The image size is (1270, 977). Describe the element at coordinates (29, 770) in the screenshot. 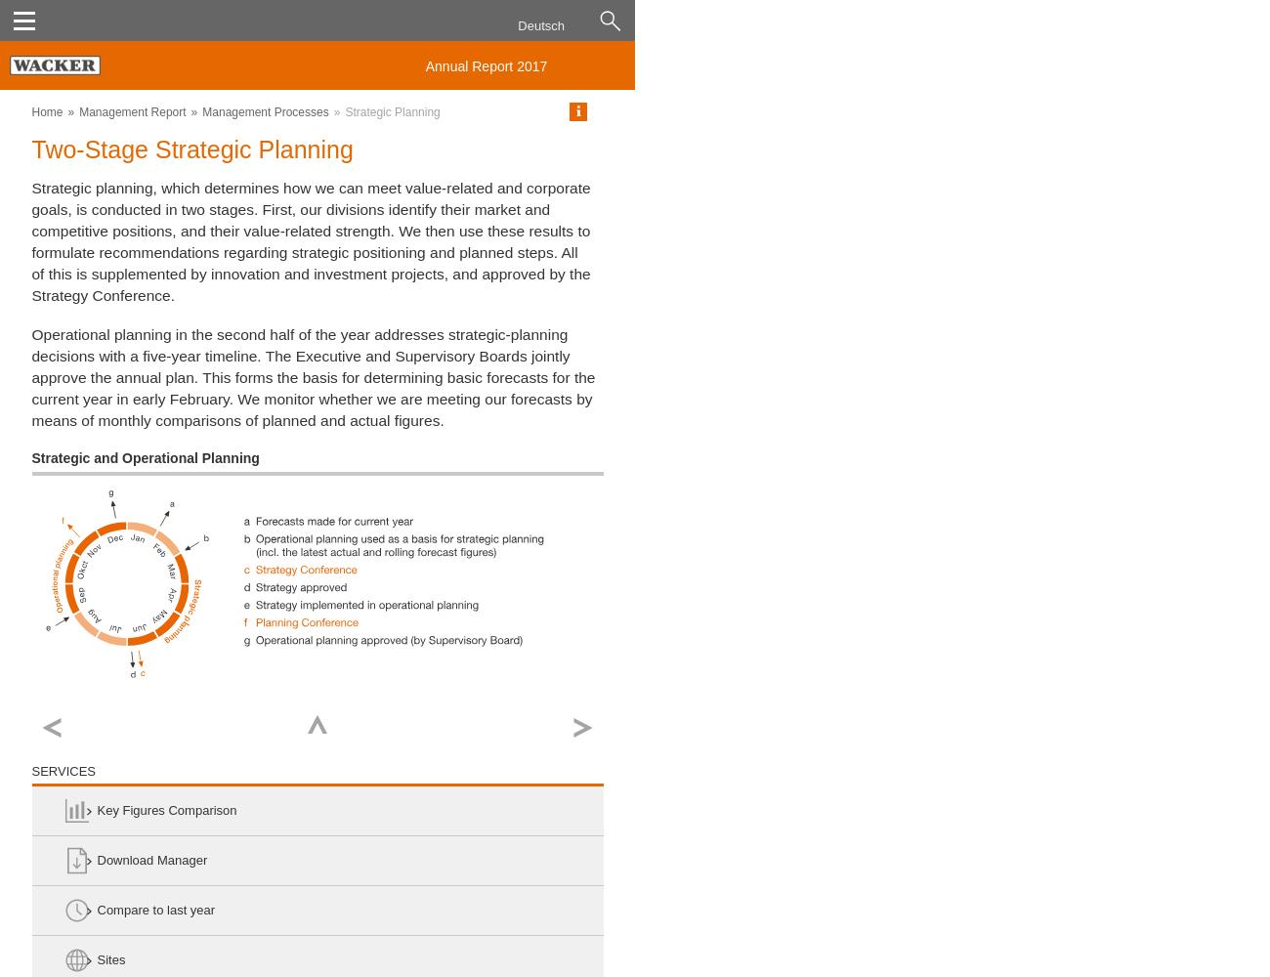

I see `'Services'` at that location.